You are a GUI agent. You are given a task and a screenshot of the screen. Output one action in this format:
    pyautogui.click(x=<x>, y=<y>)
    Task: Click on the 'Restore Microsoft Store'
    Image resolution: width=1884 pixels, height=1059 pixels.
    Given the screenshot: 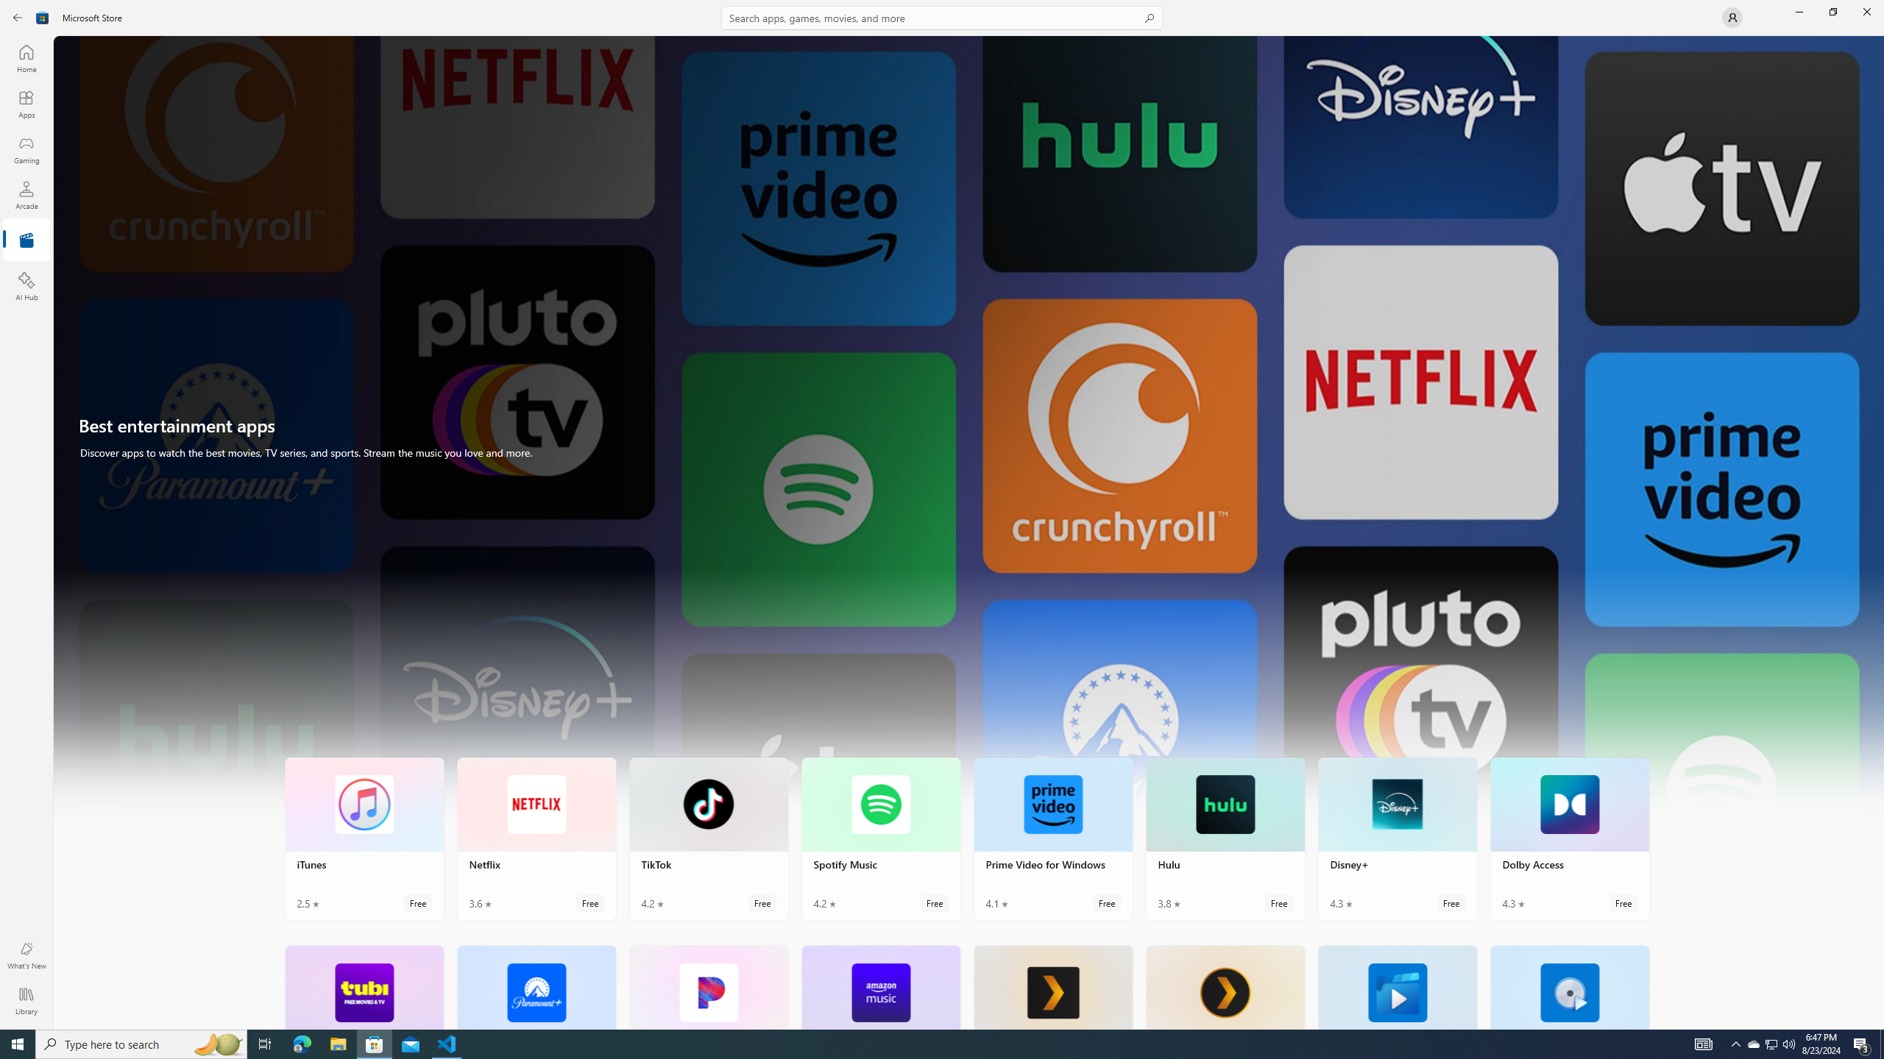 What is the action you would take?
    pyautogui.click(x=1832, y=11)
    